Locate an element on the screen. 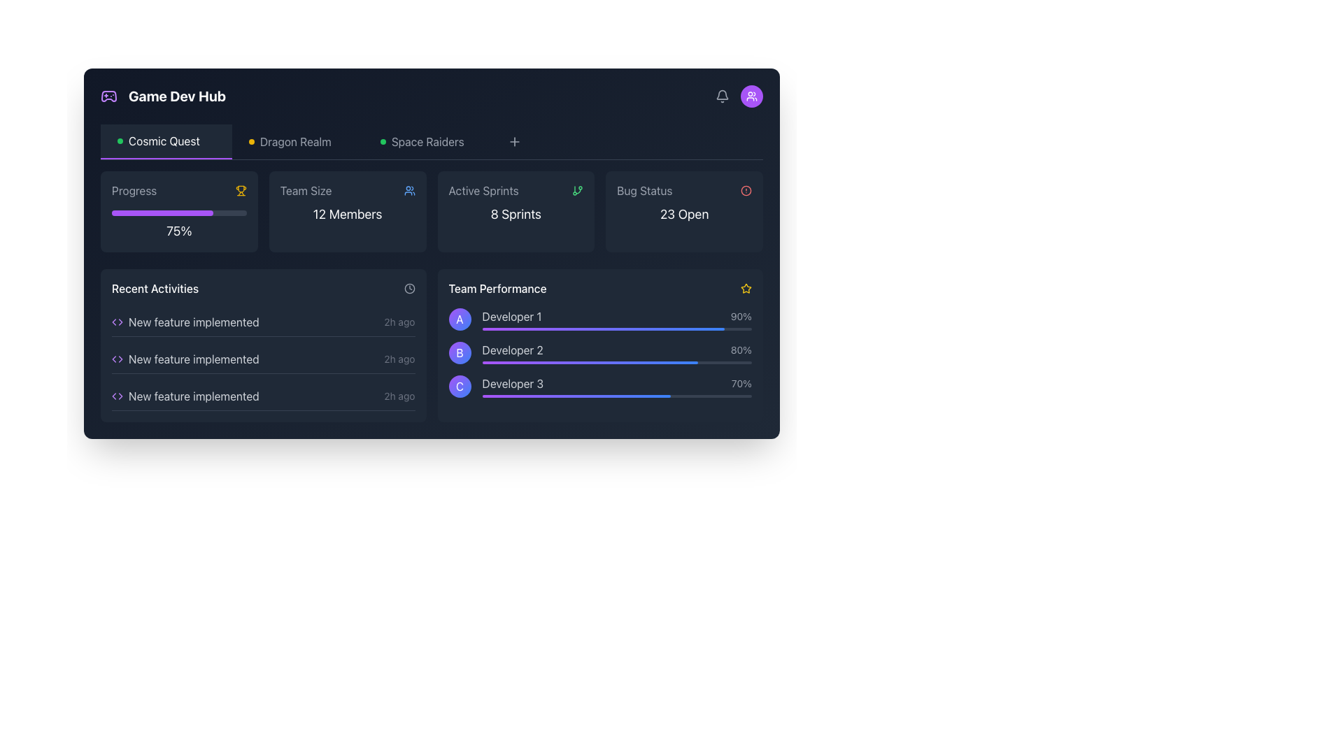 Image resolution: width=1343 pixels, height=755 pixels. the Text label identifying the developer associated with the topmost entry in the team performance list, located under 'Team Performance', aligned with circular label 'A' and percentage '90%.' is located at coordinates (511, 316).